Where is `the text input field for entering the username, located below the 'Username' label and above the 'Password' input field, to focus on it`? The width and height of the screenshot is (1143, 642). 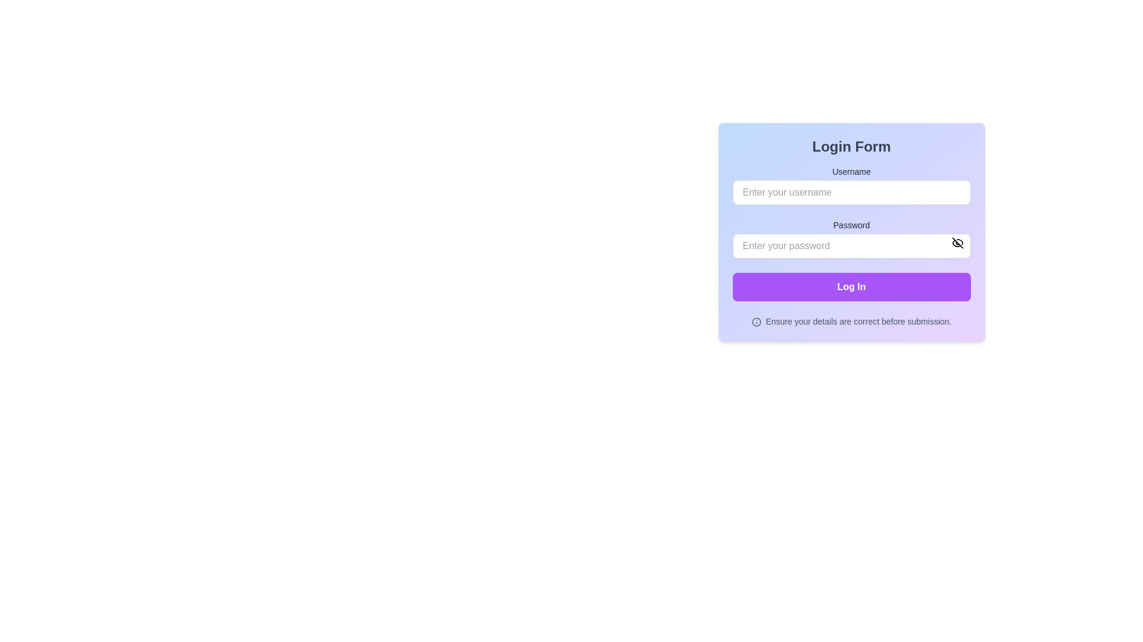 the text input field for entering the username, located below the 'Username' label and above the 'Password' input field, to focus on it is located at coordinates (851, 185).